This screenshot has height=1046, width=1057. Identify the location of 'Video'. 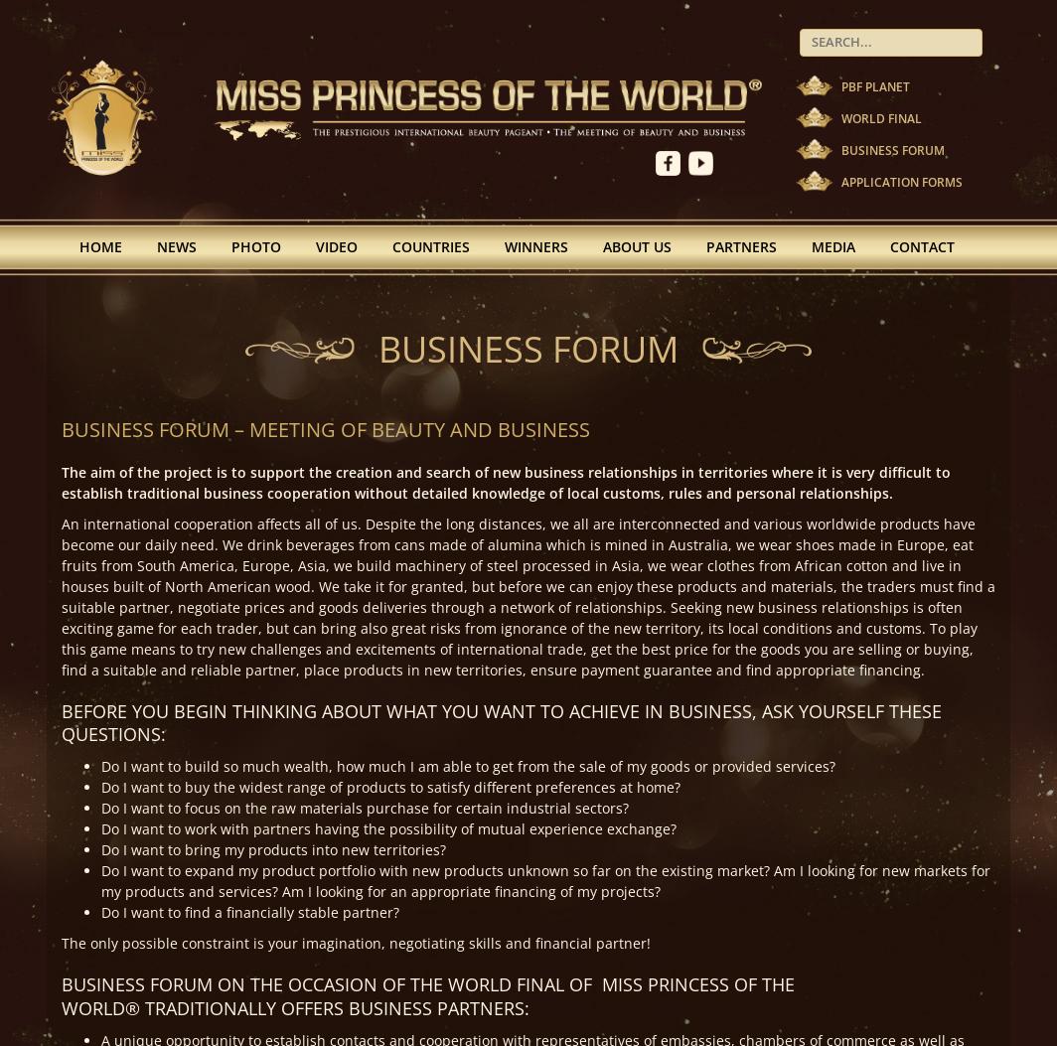
(316, 244).